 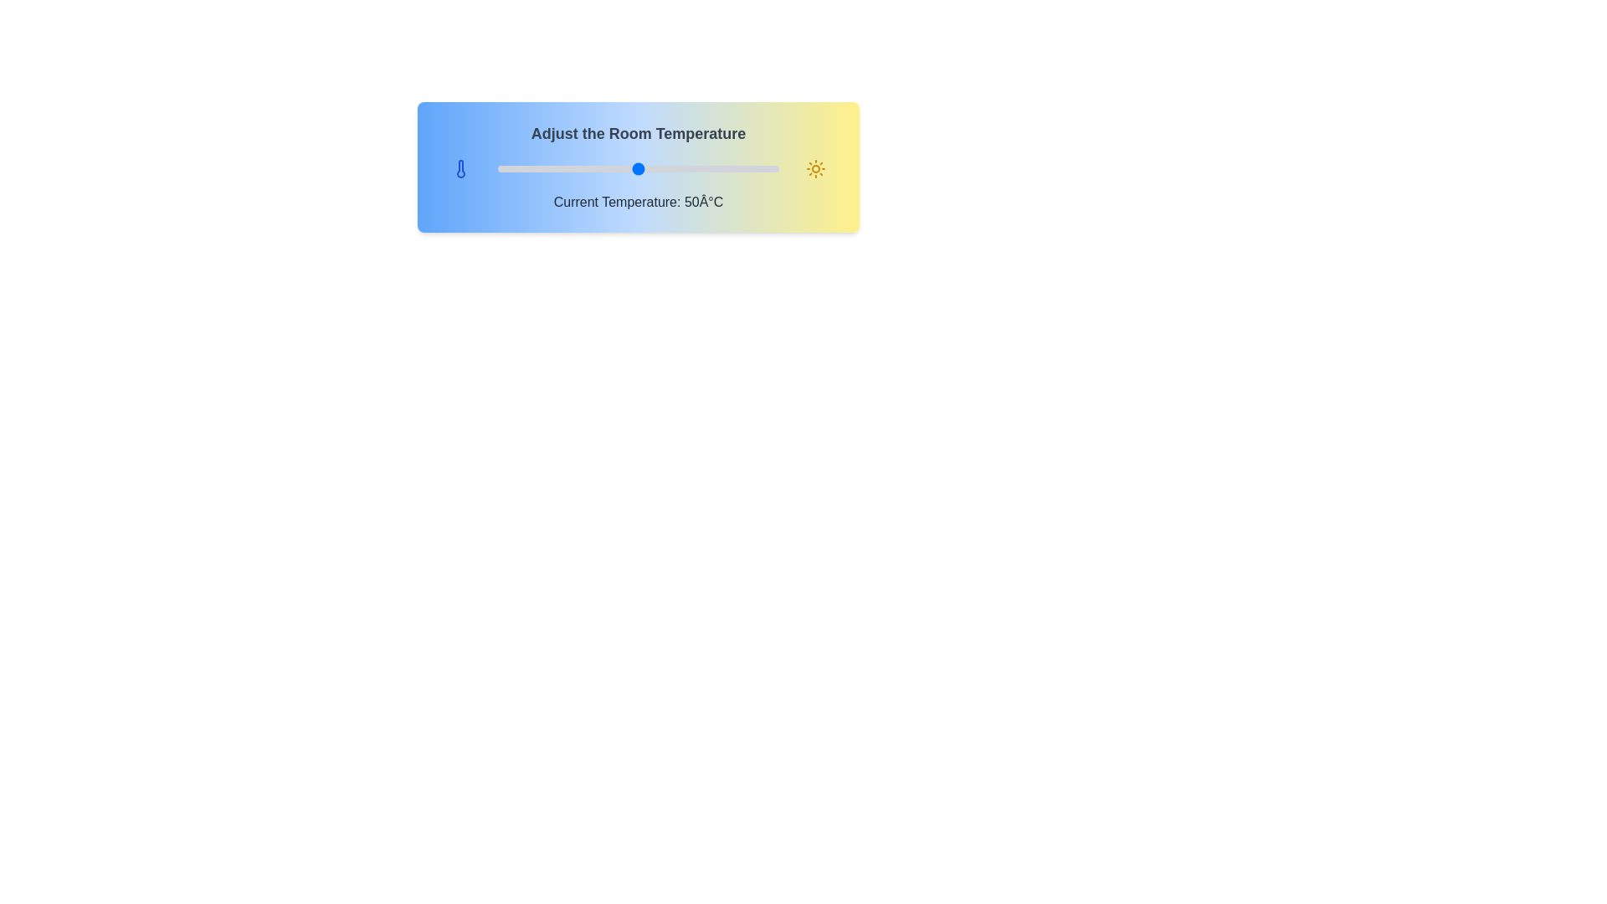 I want to click on the temperature slider to 8°C, so click(x=519, y=168).